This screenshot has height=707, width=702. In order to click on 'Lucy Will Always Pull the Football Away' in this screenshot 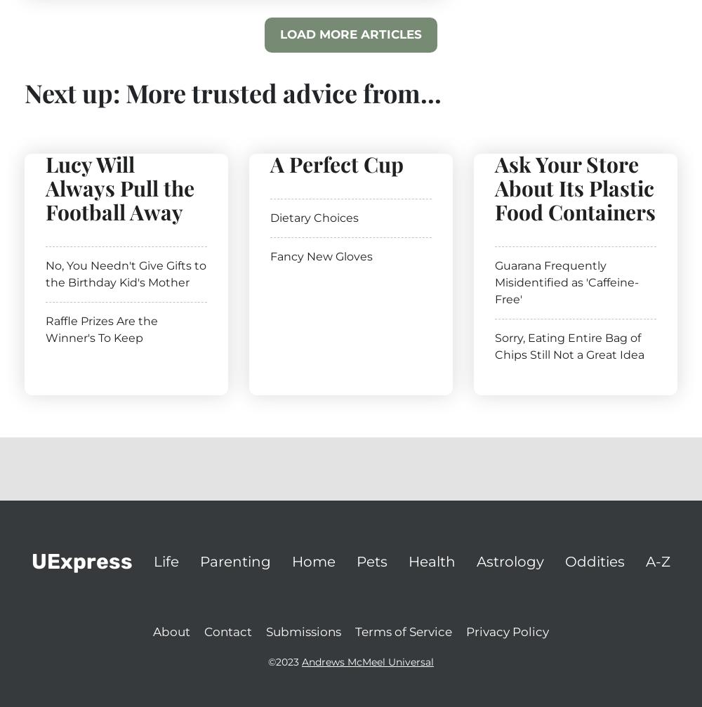, I will do `click(120, 187)`.